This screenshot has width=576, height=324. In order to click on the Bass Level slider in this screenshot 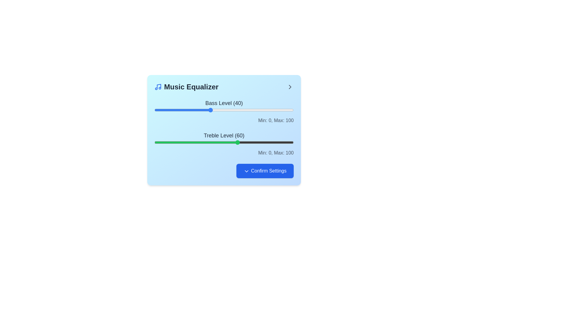, I will do `click(163, 110)`.